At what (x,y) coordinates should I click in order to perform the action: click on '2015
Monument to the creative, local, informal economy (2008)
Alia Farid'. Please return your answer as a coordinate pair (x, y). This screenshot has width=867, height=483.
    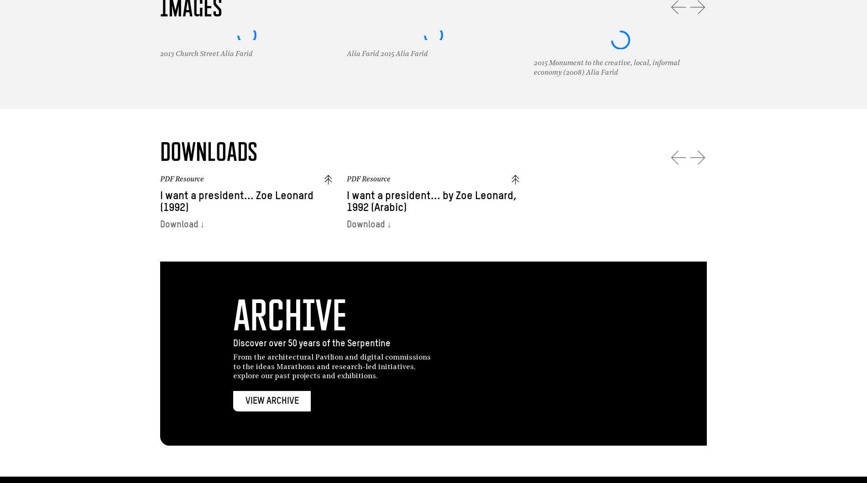
    Looking at the image, I should click on (606, 67).